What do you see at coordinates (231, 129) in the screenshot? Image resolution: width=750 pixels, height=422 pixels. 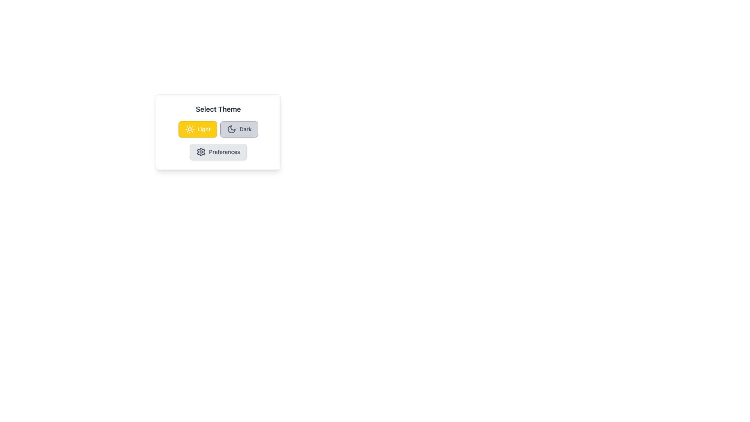 I see `the icon representing the 'Dark' theme option located in the upper-right corner of the 'Dark' theme button` at bounding box center [231, 129].